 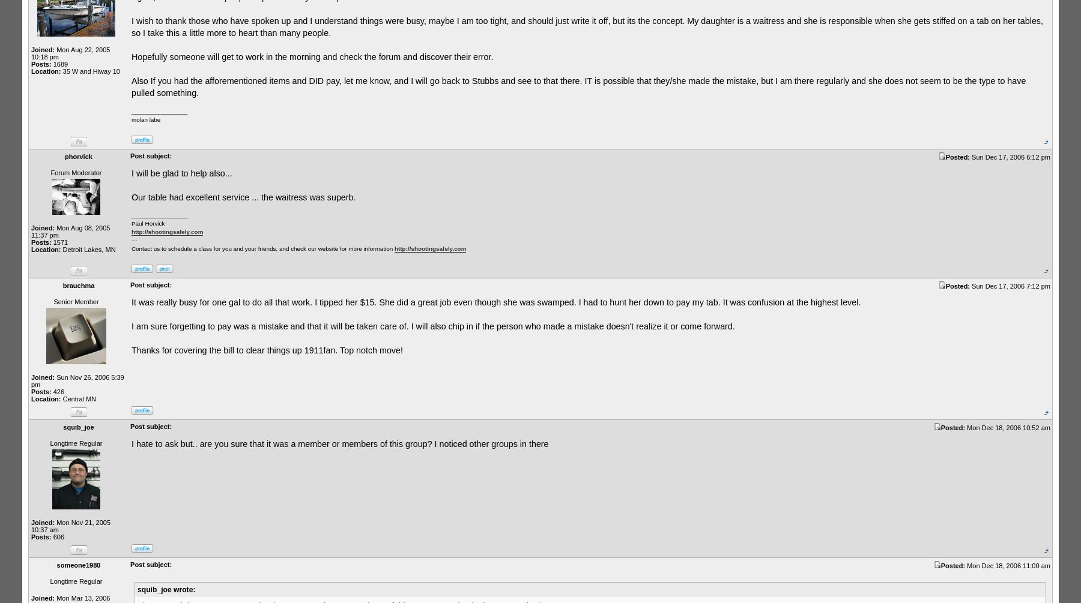 I want to click on '1689', so click(x=59, y=64).